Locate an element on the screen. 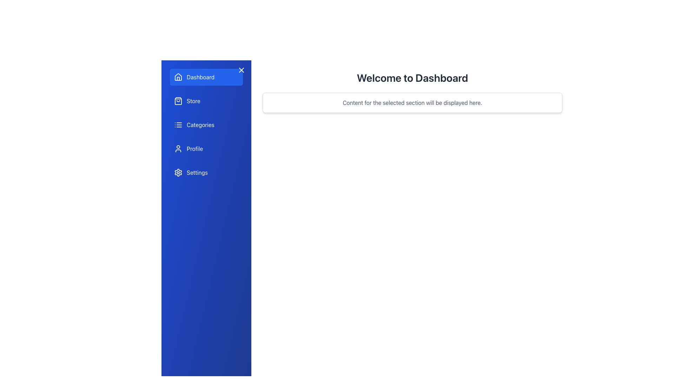 The height and width of the screenshot is (379, 674). the fourth navigation item in the sidebar, which provides access to the user profile page or settings is located at coordinates (206, 148).